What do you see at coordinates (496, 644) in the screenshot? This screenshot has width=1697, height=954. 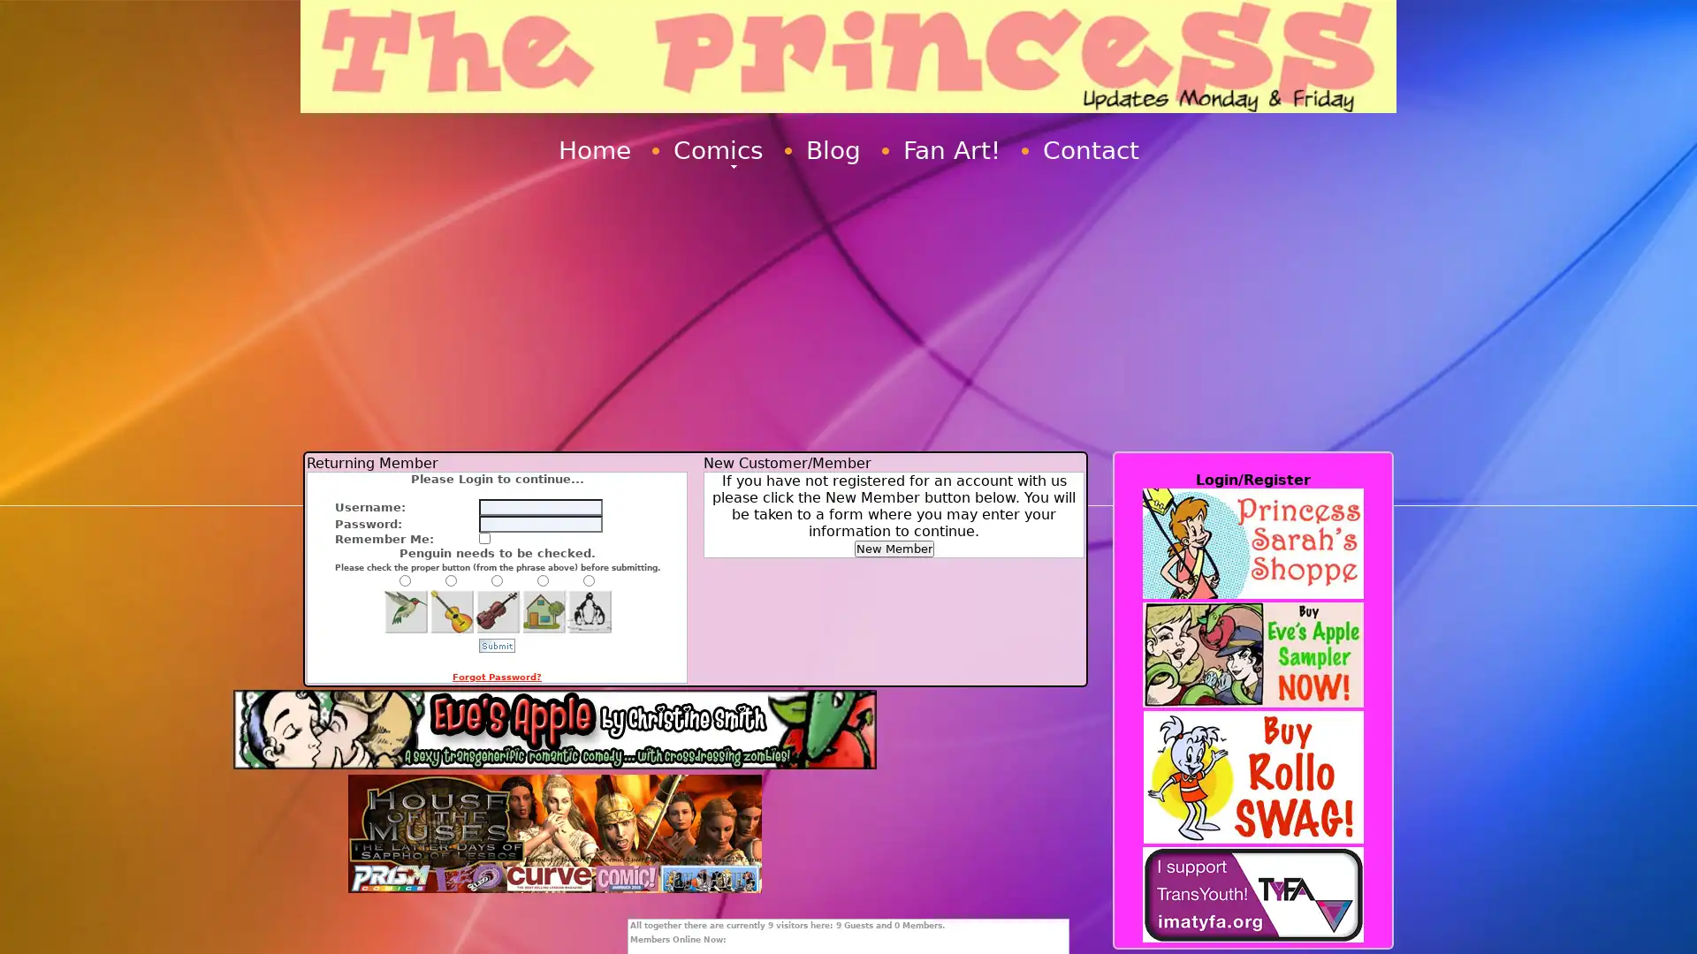 I see `Submit` at bounding box center [496, 644].